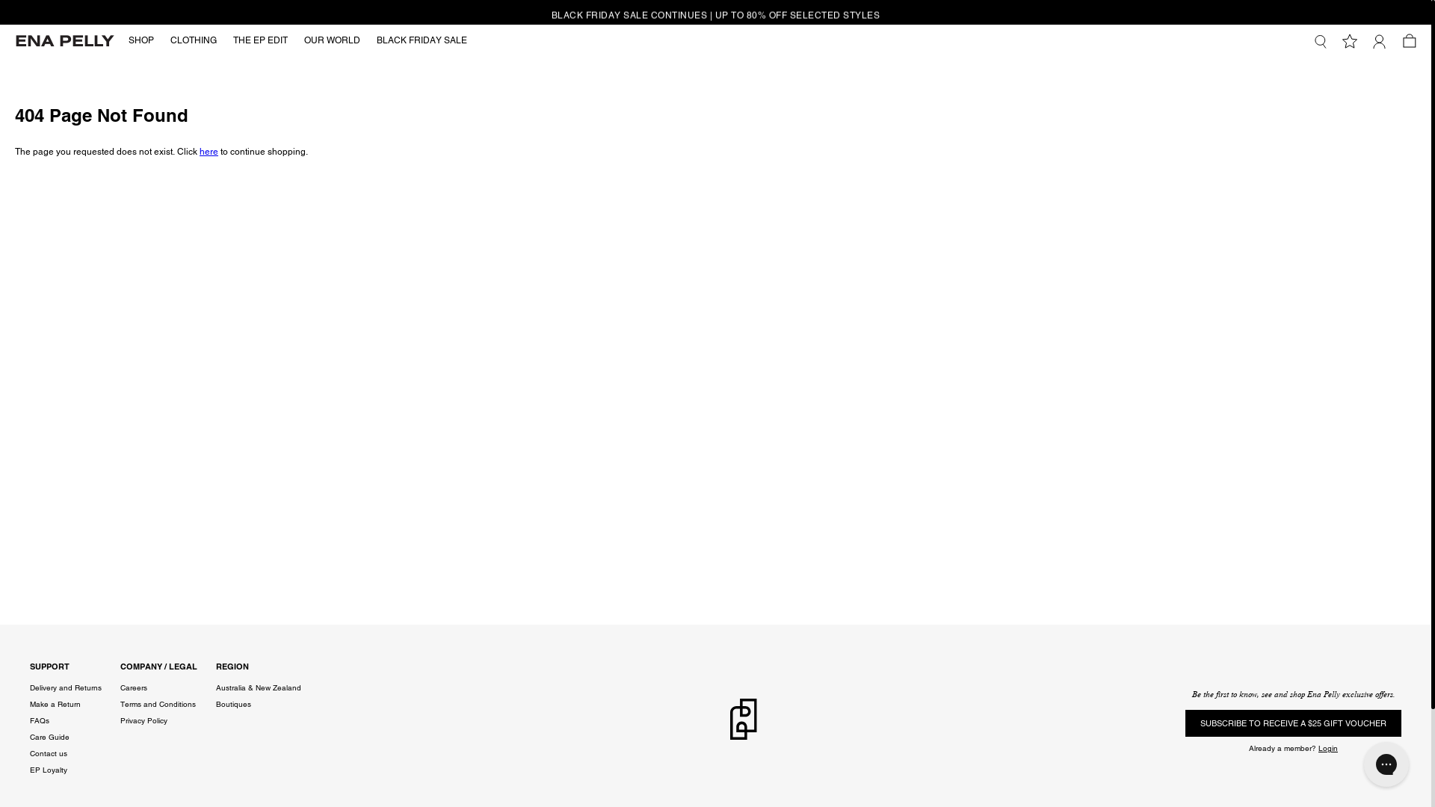 The image size is (1435, 807). What do you see at coordinates (49, 770) in the screenshot?
I see `'EP Loyalty'` at bounding box center [49, 770].